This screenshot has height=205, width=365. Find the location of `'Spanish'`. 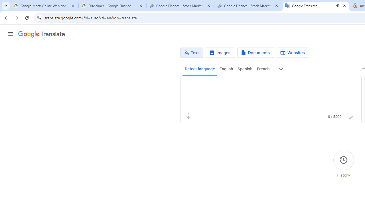

'Spanish' is located at coordinates (245, 69).